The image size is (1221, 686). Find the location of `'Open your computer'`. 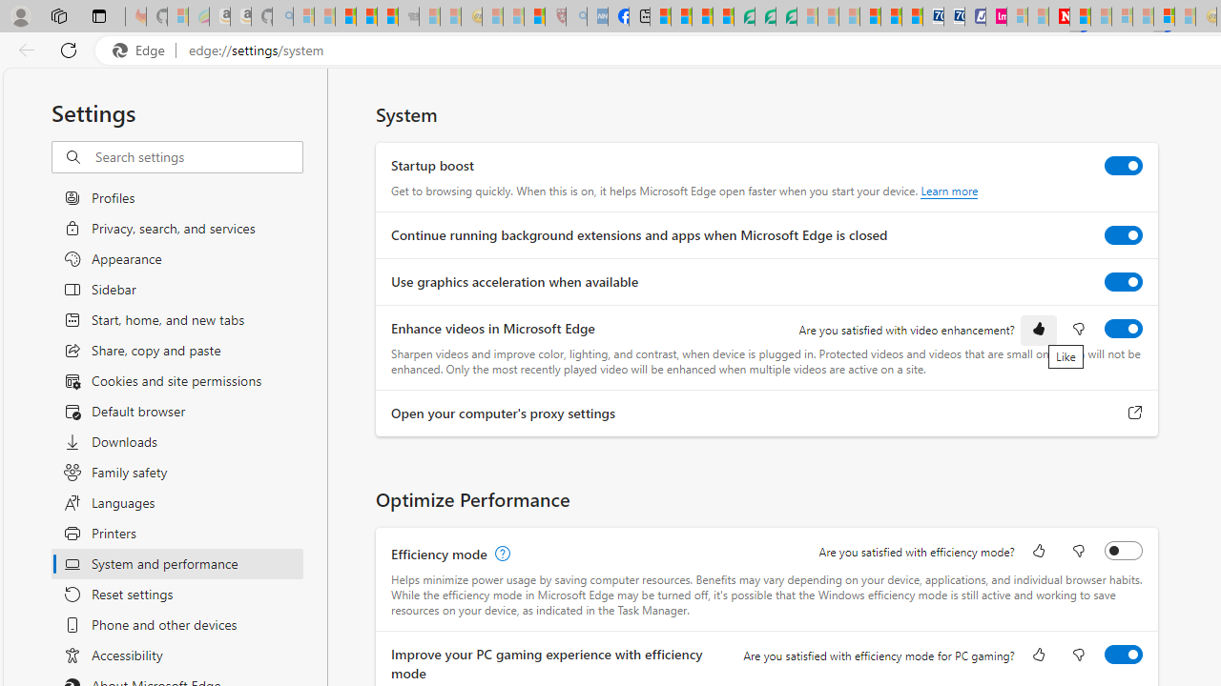

'Open your computer' is located at coordinates (1135, 413).